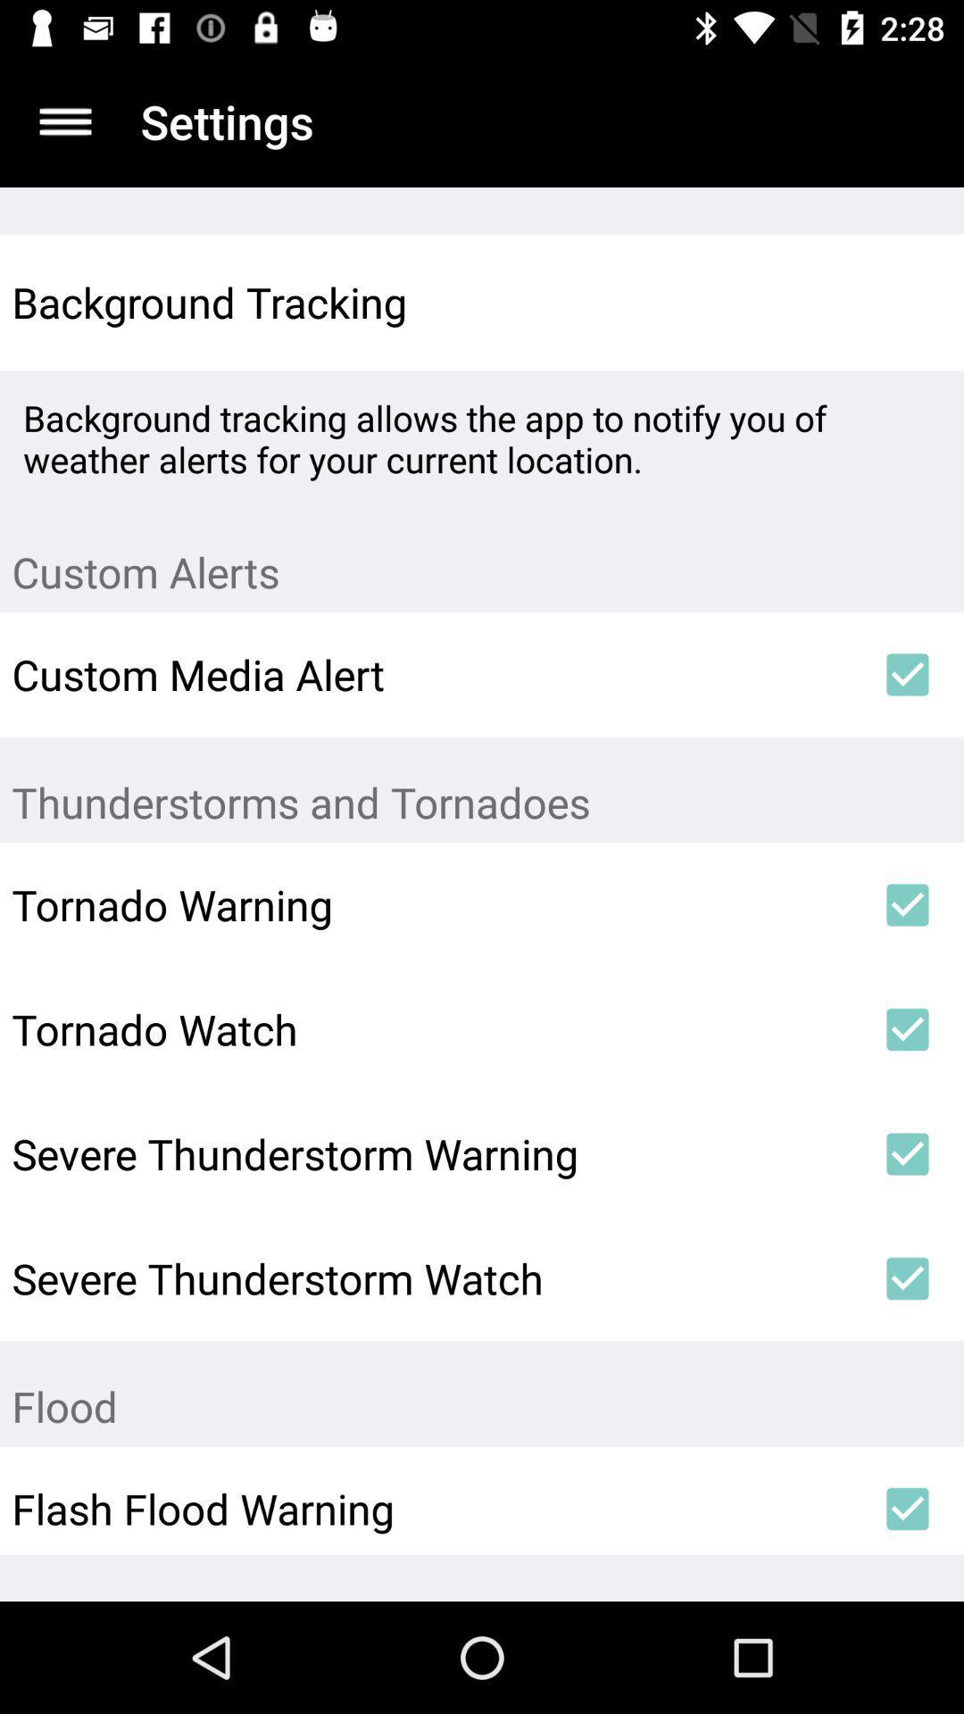 This screenshot has width=964, height=1714. What do you see at coordinates (908, 1153) in the screenshot?
I see `the checkbox on the right next to the button severe thunderstorm warning on the web page` at bounding box center [908, 1153].